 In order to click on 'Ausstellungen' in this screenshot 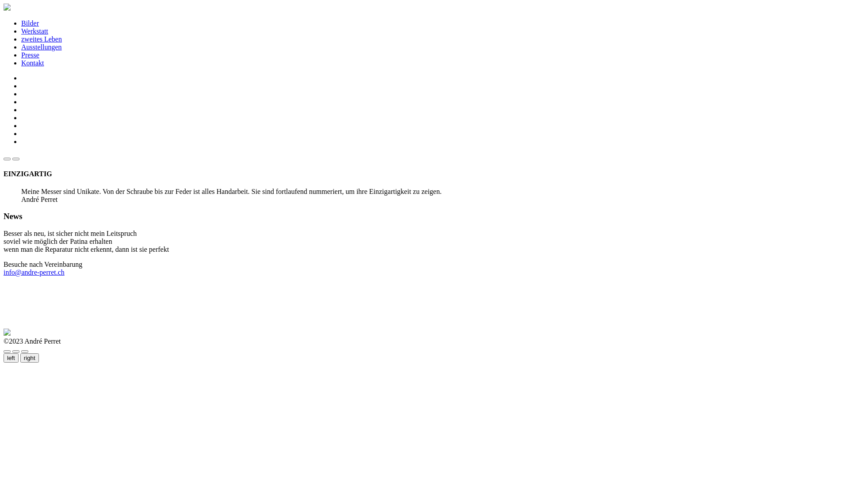, I will do `click(21, 47)`.